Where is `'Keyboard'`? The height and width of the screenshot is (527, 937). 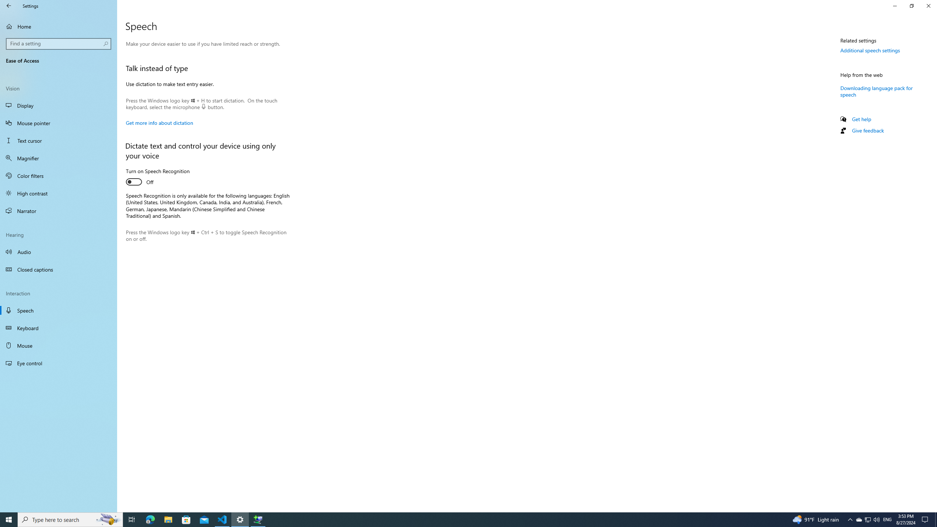 'Keyboard' is located at coordinates (58, 328).